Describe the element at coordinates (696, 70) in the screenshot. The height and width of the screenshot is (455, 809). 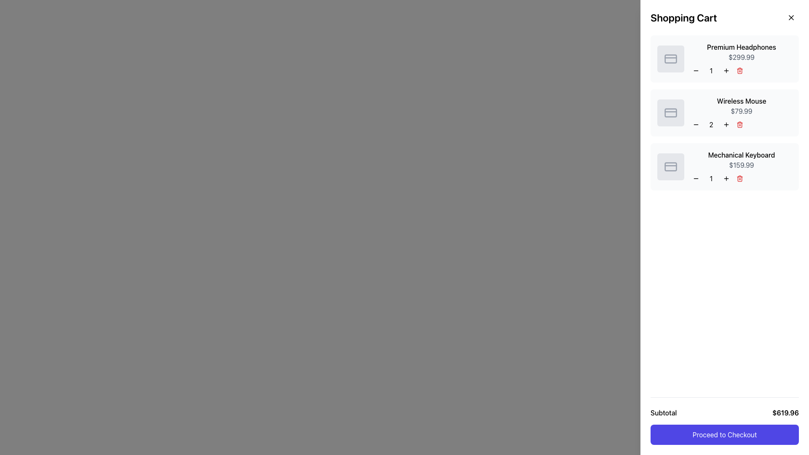
I see `the decrement button for reducing the quantity of 'Premium Headphones' in the shopping cart` at that location.